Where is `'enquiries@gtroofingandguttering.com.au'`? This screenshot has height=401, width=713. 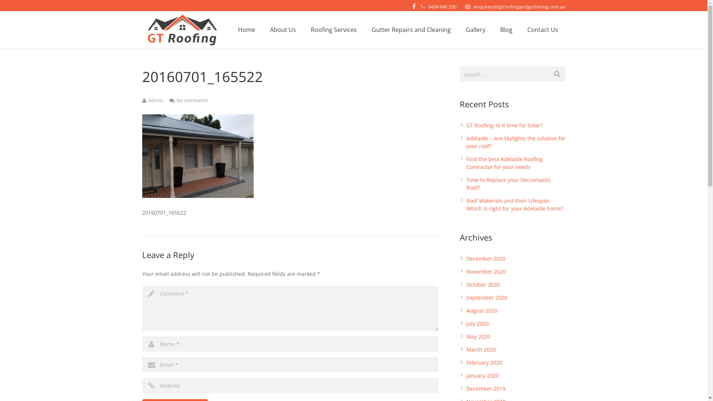
'enquiries@gtroofingandguttering.com.au' is located at coordinates (518, 7).